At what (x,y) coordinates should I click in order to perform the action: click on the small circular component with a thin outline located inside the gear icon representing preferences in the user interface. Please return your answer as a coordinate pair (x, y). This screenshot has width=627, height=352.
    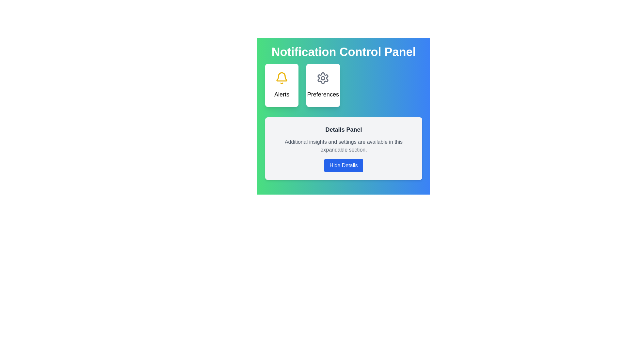
    Looking at the image, I should click on (323, 78).